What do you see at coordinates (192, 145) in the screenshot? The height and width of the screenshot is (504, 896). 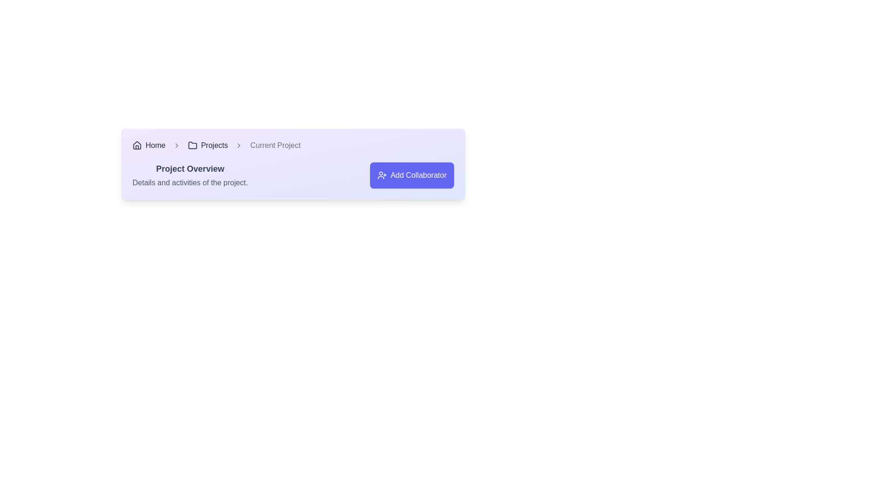 I see `the 'Projects' icon in the breadcrumb navigation bar, which is the second item between the house icon and the text 'Projects'` at bounding box center [192, 145].